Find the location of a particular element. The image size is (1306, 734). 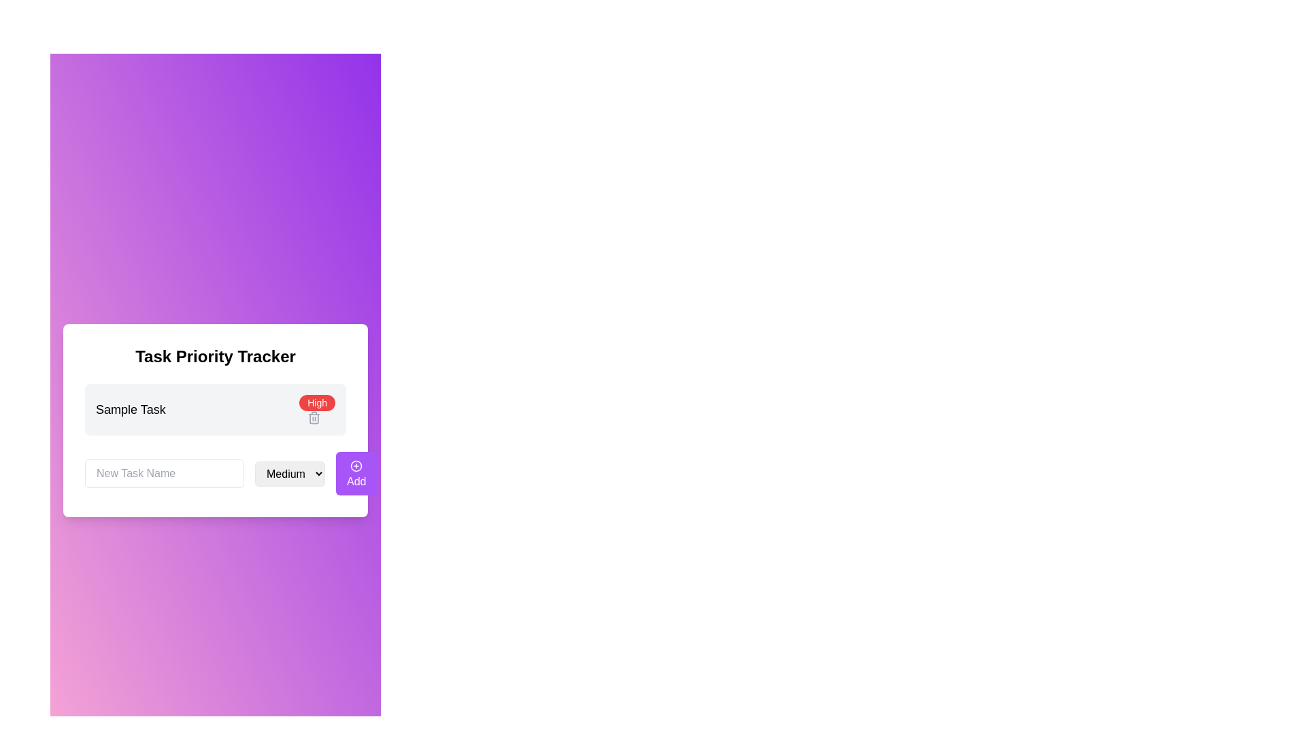

the visual representation of the circular icon with a plus symbol, which is part of the 'Add' button located at the bottom-right section of the interface is located at coordinates (356, 465).